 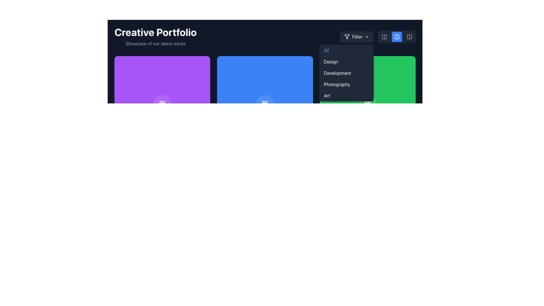 What do you see at coordinates (346, 84) in the screenshot?
I see `the 'Photography' menu item in the dropdown menu` at bounding box center [346, 84].